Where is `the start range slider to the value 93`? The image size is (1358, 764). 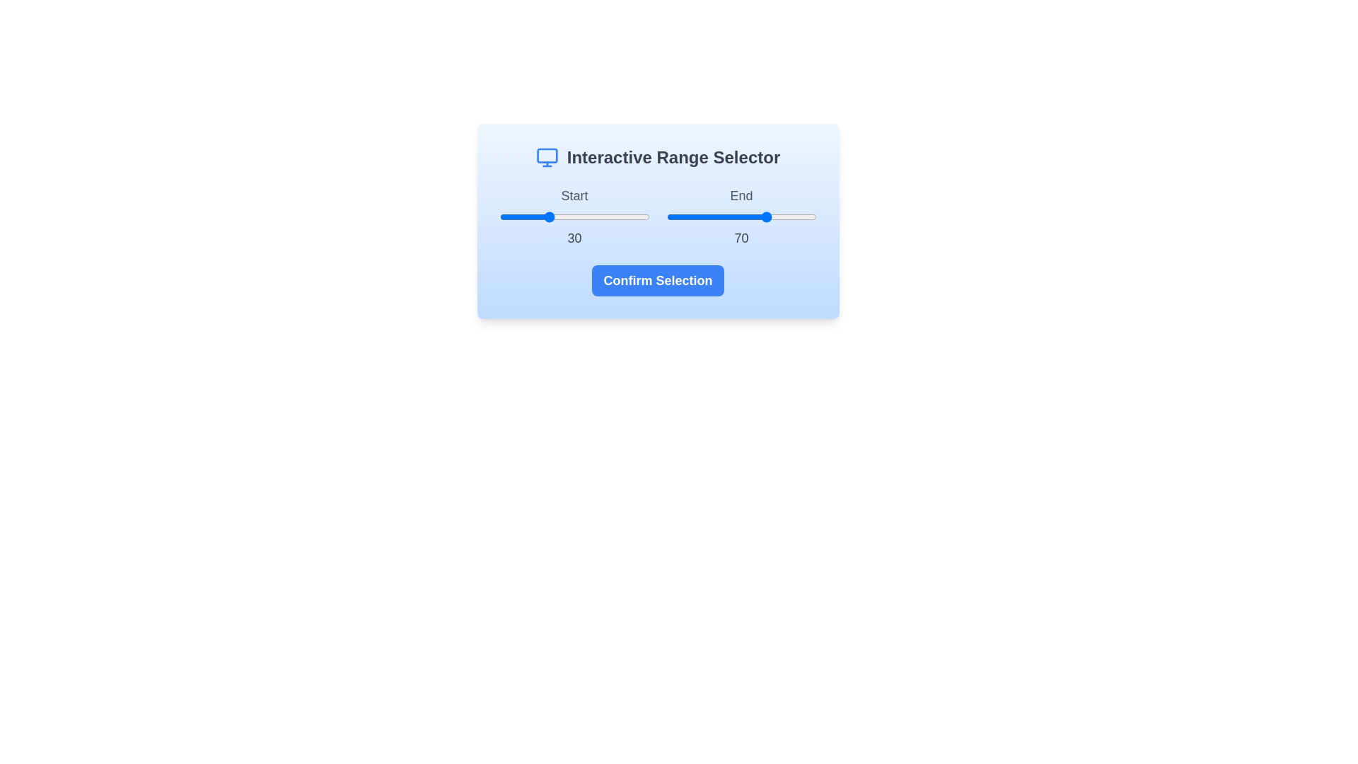 the start range slider to the value 93 is located at coordinates (638, 217).